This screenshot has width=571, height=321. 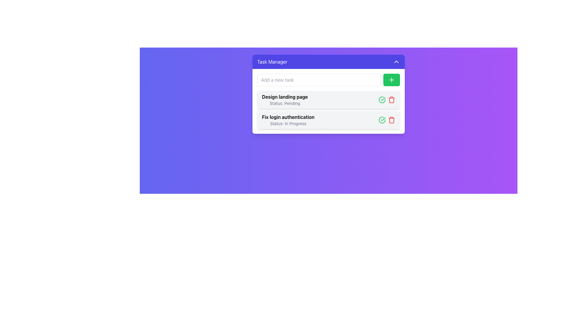 What do you see at coordinates (382, 99) in the screenshot?
I see `the green circular checkmark icon to mark the task as complete, located in the second row next to the text 'Fix login authentication'` at bounding box center [382, 99].